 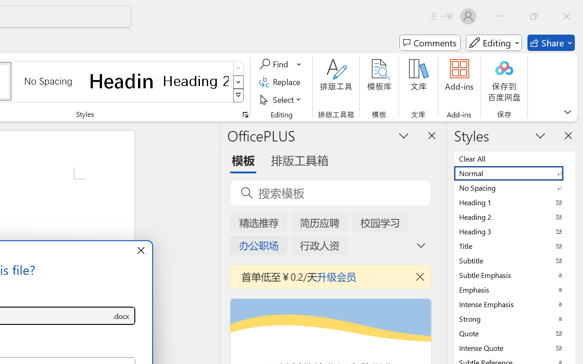 I want to click on 'Share', so click(x=551, y=43).